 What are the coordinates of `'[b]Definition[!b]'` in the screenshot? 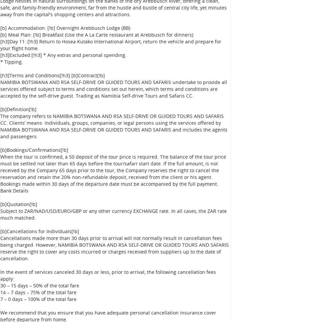 It's located at (0, 109).